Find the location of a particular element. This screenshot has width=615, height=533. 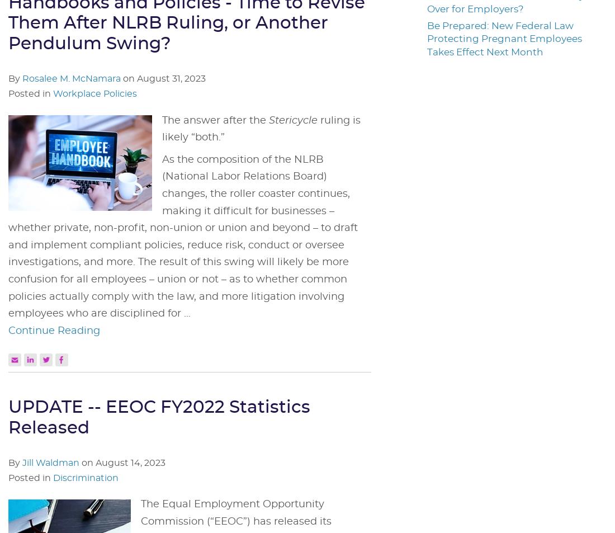

'Jill  Waldman' is located at coordinates (50, 463).